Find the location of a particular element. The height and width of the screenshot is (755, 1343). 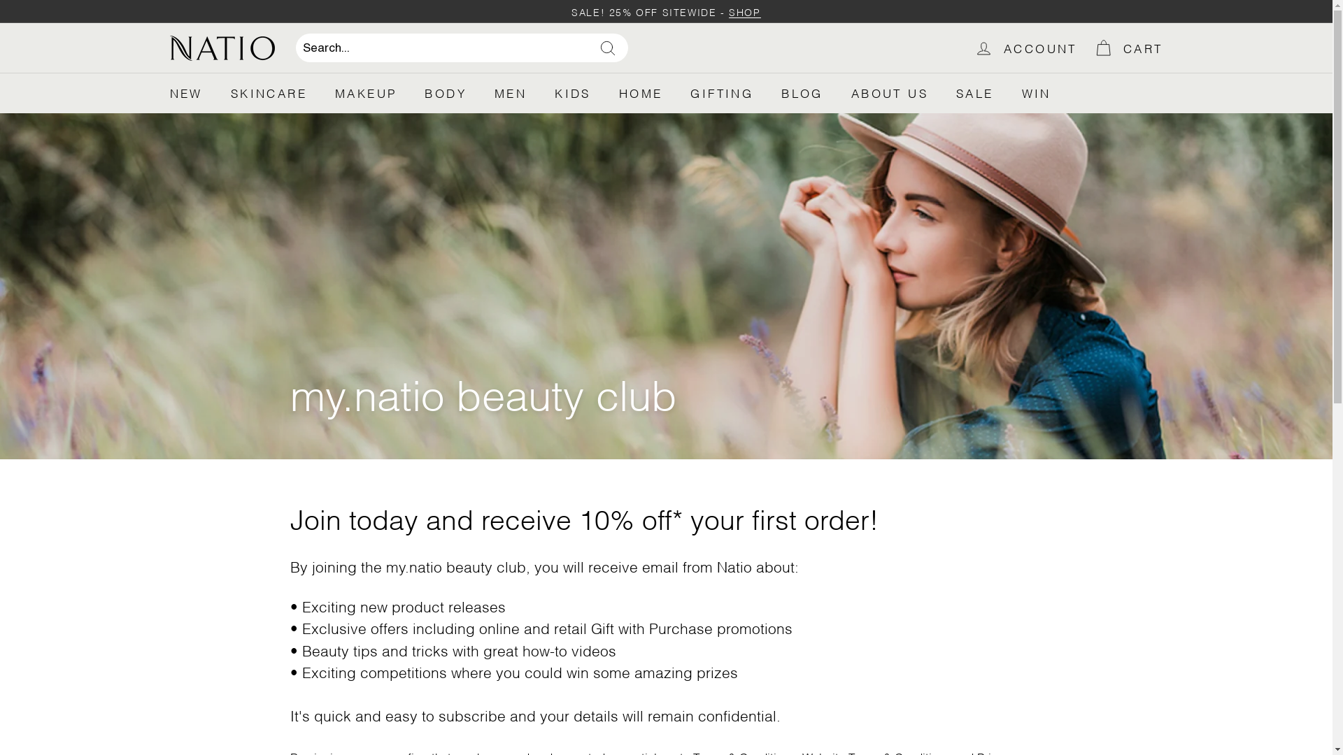

'ACCOUNT' is located at coordinates (1025, 47).